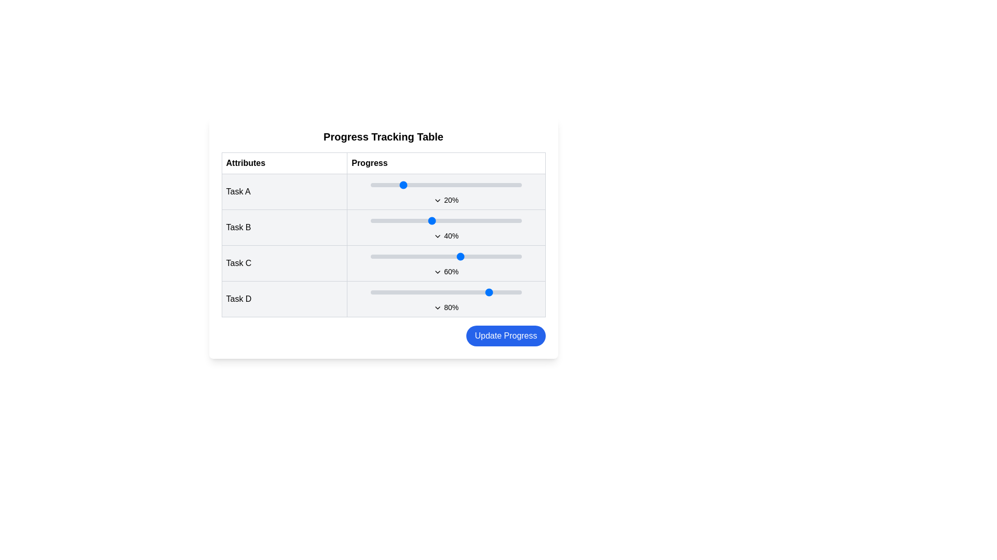 The height and width of the screenshot is (560, 997). Describe the element at coordinates (506, 185) in the screenshot. I see `progress value` at that location.